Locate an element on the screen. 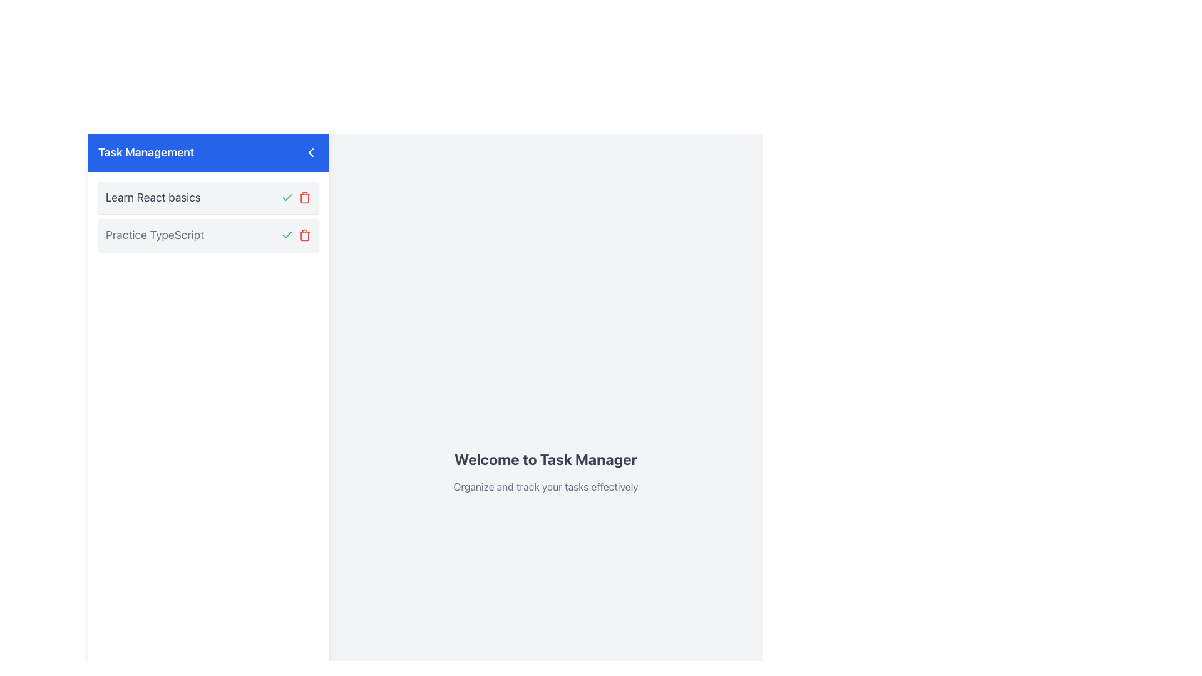  the descriptive subtitle text located directly underneath the main heading 'Welcome to Task Manager' in the center of the page is located at coordinates (546, 486).